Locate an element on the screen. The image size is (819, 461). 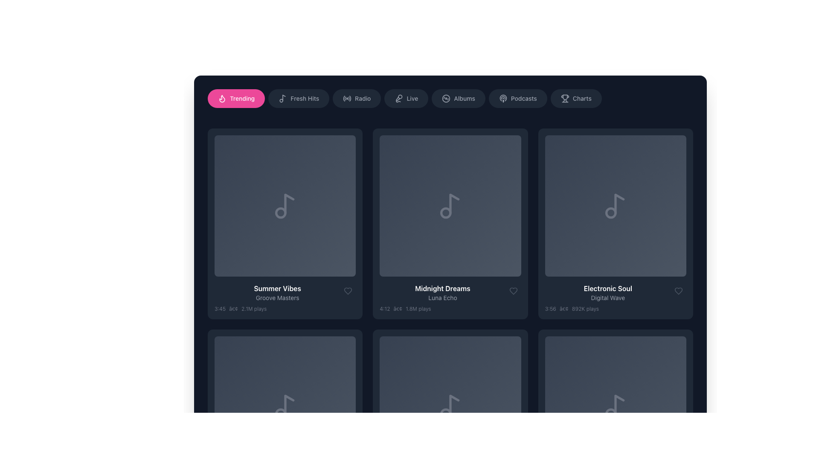
the 'Albums' text label that serves as the label for the navigation button, associating it with the button containing it is located at coordinates (464, 98).